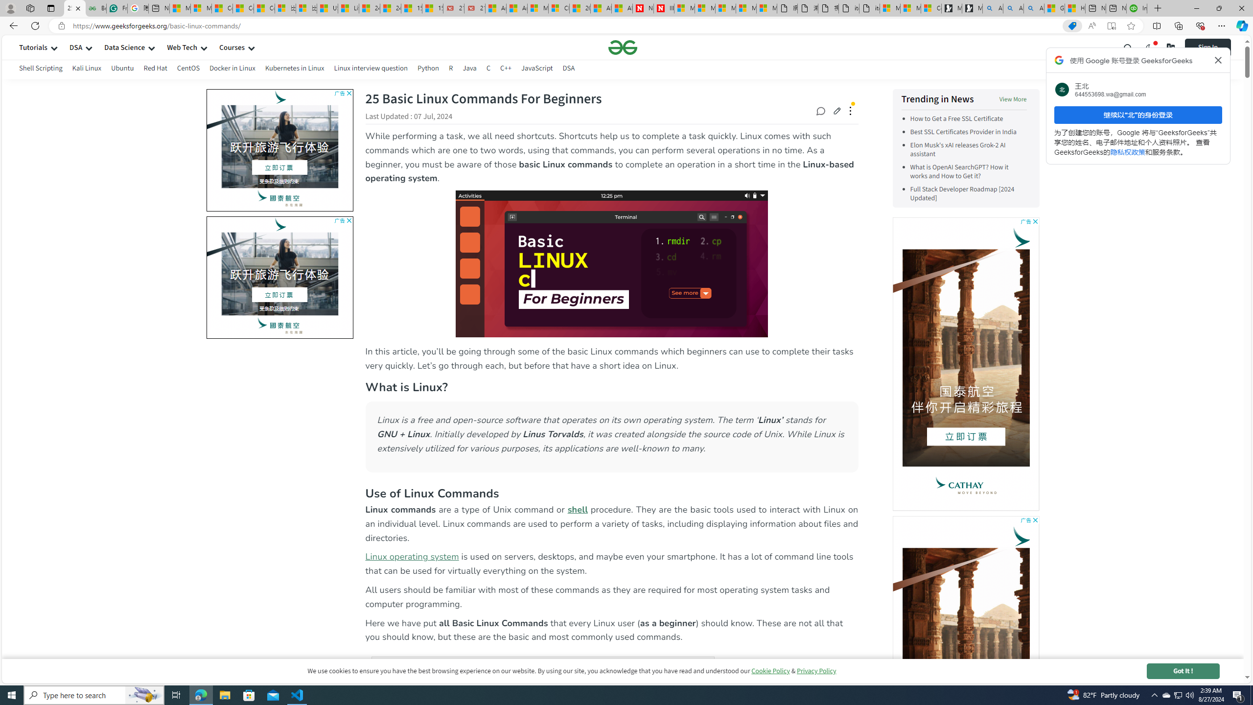  Describe the element at coordinates (968, 150) in the screenshot. I see `'Elon Musk'` at that location.